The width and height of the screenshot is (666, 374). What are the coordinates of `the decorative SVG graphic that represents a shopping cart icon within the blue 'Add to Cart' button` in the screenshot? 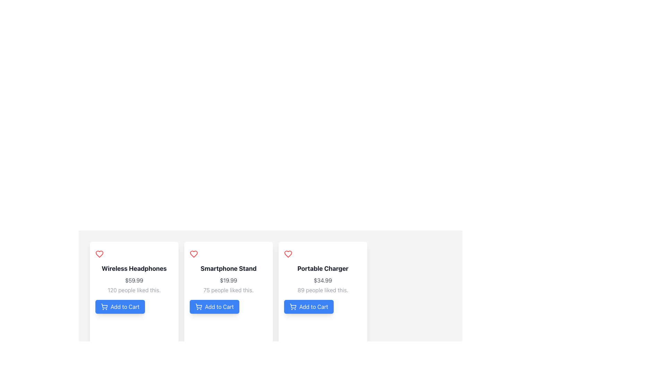 It's located at (198, 305).